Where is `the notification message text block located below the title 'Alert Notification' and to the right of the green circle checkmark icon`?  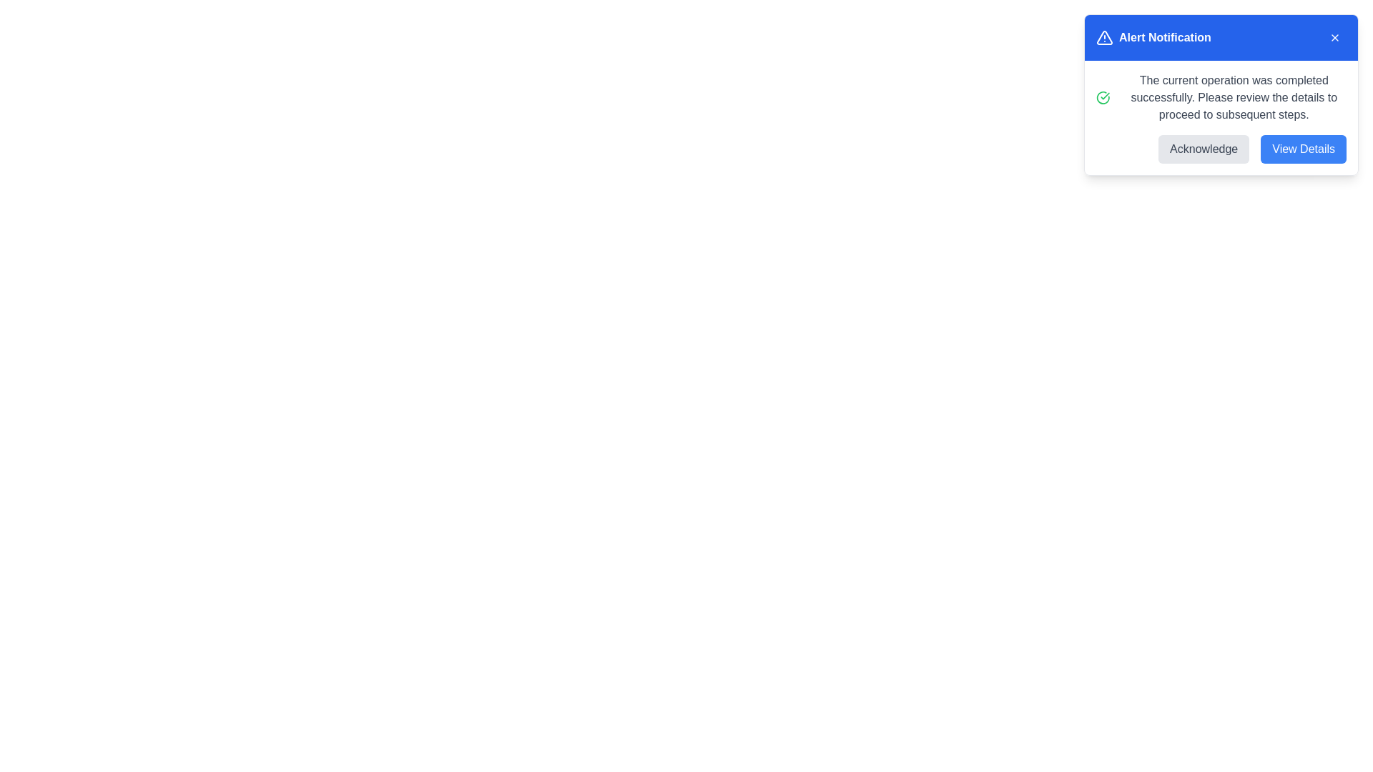
the notification message text block located below the title 'Alert Notification' and to the right of the green circle checkmark icon is located at coordinates (1233, 97).